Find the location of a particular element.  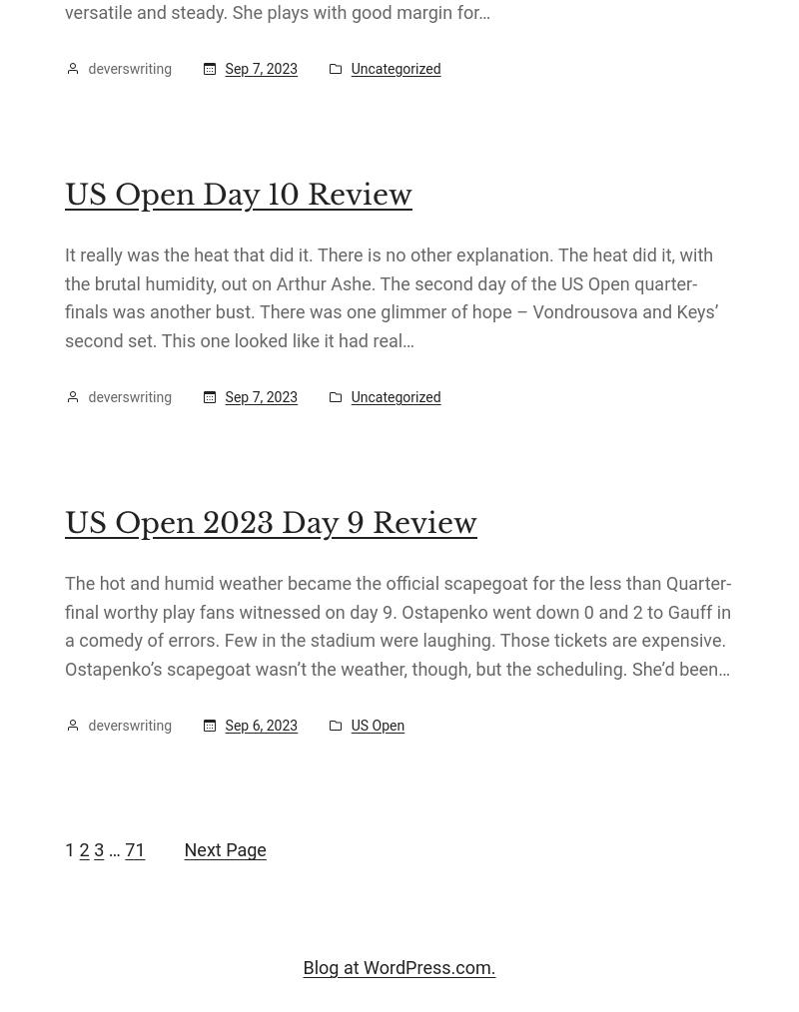

'Blog at WordPress.com.' is located at coordinates (398, 967).